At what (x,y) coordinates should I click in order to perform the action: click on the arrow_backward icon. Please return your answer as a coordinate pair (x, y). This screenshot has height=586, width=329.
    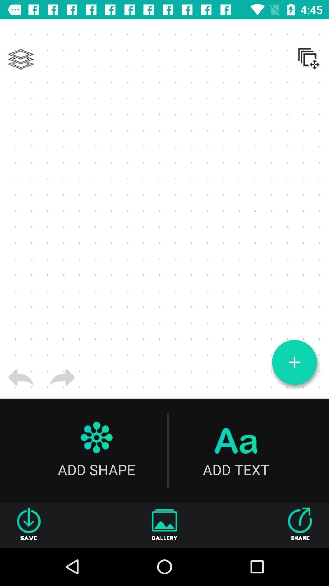
    Looking at the image, I should click on (20, 377).